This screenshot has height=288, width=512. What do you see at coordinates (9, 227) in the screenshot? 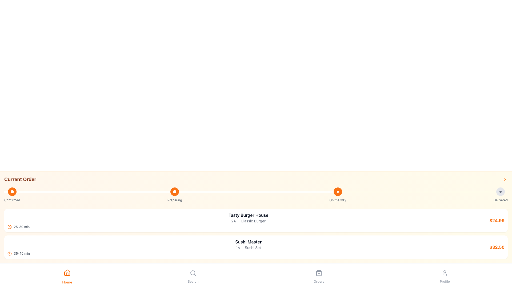
I see `the estimated delivery time icon located at the start of the '25-30 min' text block, which provides a visual cue for the time estimate of the order` at bounding box center [9, 227].